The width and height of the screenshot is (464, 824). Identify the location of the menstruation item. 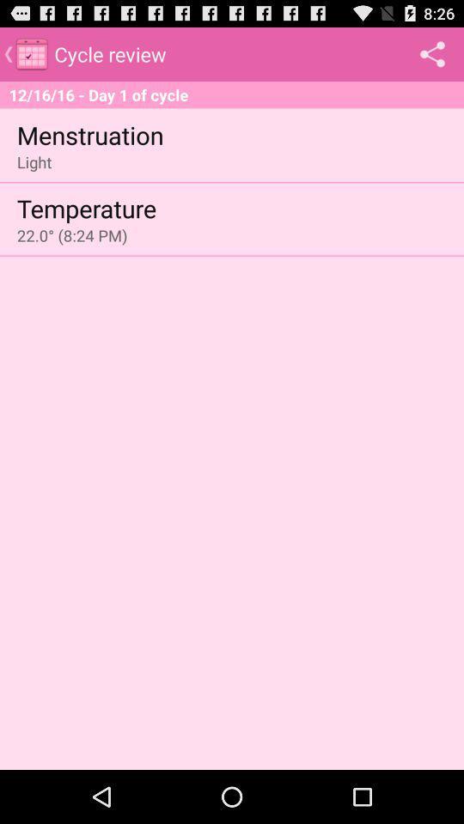
(90, 133).